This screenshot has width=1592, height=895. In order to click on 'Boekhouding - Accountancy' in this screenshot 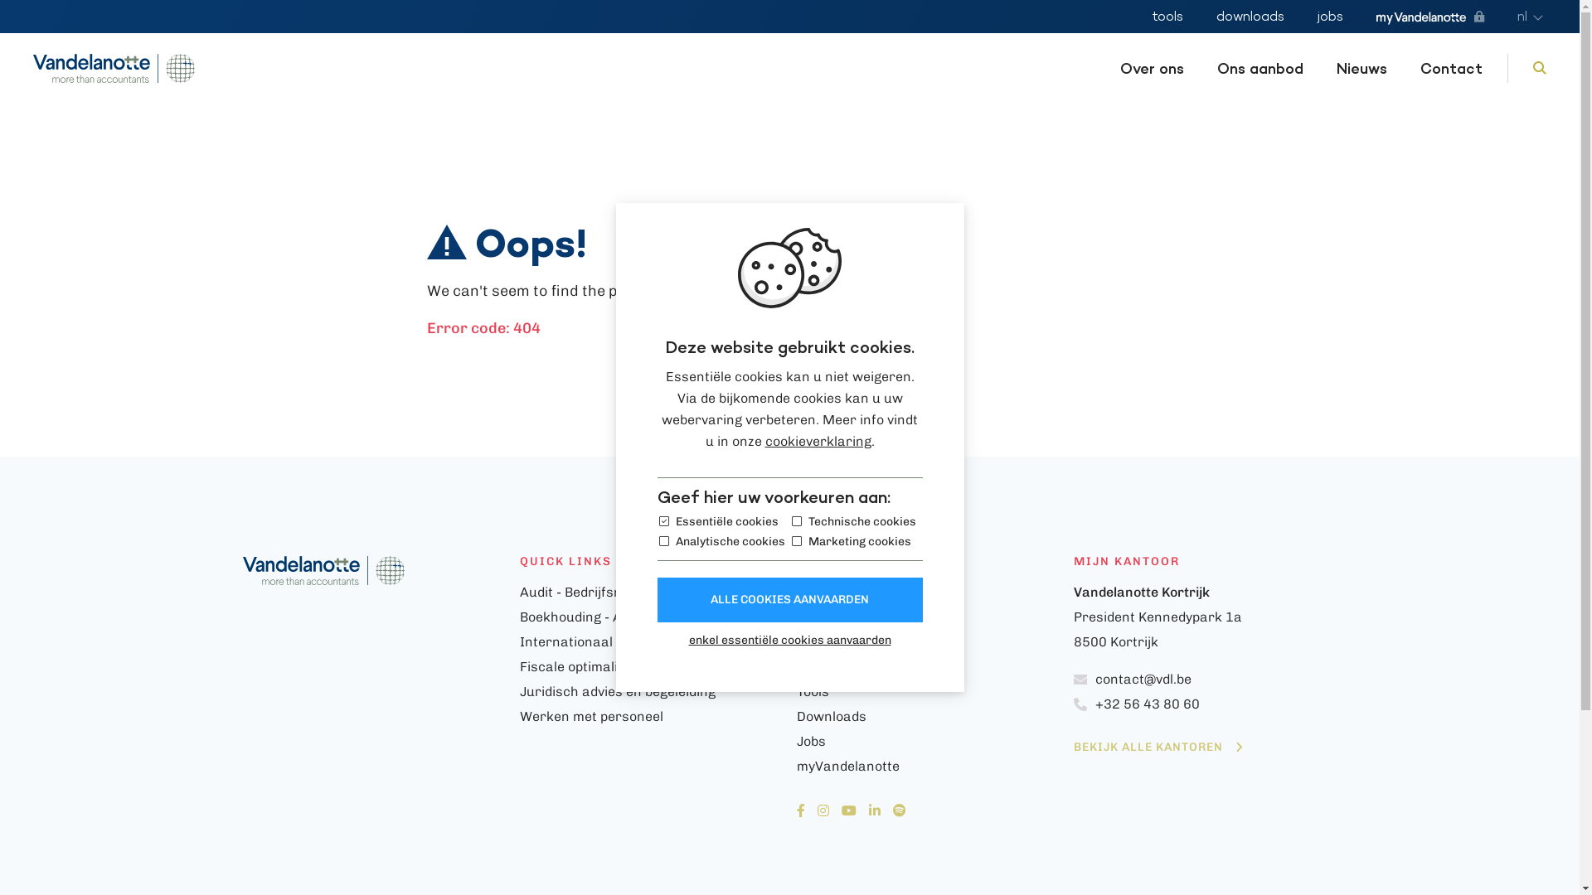, I will do `click(517, 617)`.